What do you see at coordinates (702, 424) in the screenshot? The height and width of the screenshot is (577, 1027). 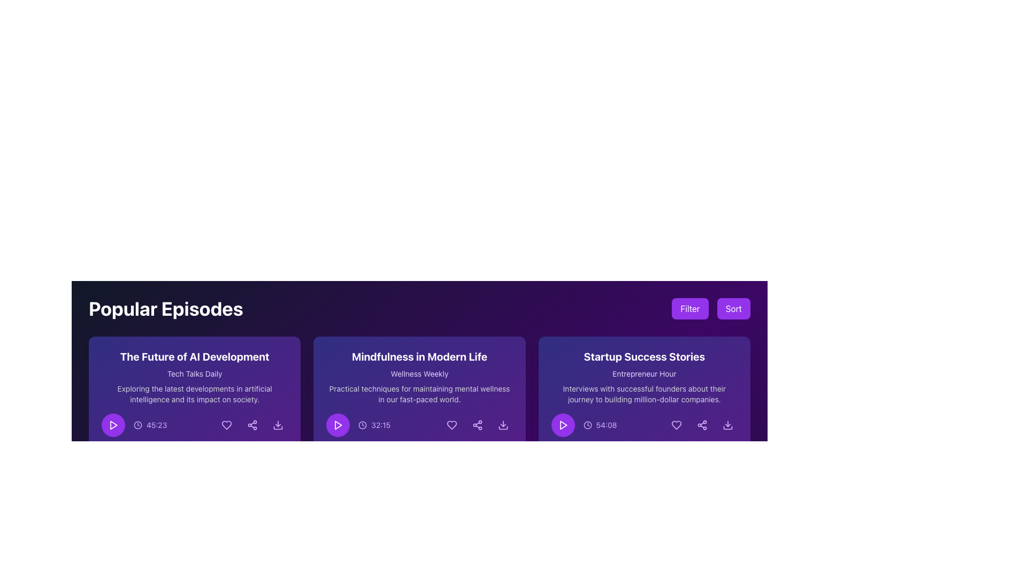 I see `the 'share' button located in the bottom right section of the 'Startup Success Stories' card` at bounding box center [702, 424].